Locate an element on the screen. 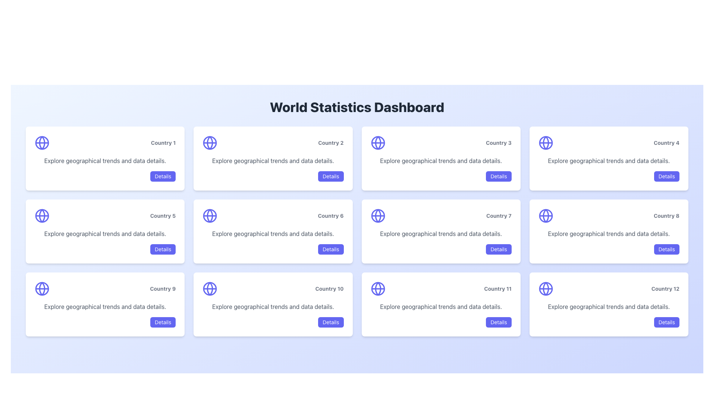  the text label that reads 'Country 10', which is styled in bold gray font and located in the top-right corner of a card layout is located at coordinates (329, 288).